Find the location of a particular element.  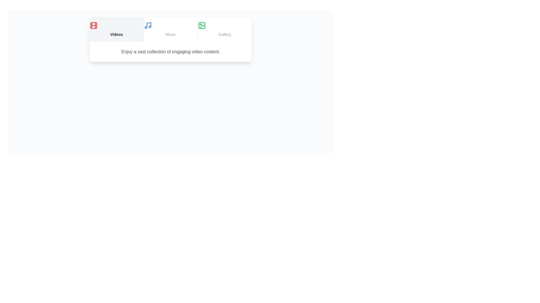

the Videos tab by clicking on its button is located at coordinates (116, 29).